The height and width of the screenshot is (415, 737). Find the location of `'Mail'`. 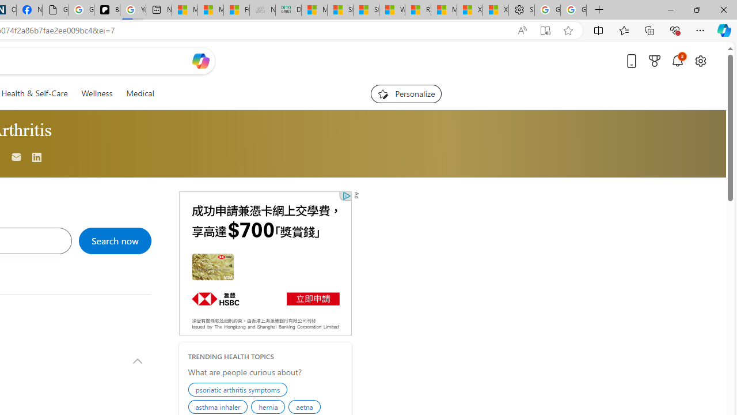

'Mail' is located at coordinates (17, 157).